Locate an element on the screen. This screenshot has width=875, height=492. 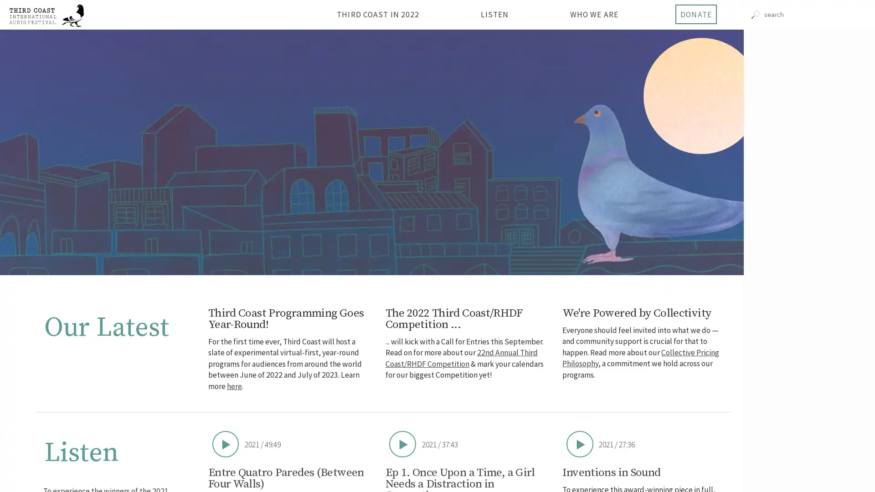
Play Now is located at coordinates (402, 443).